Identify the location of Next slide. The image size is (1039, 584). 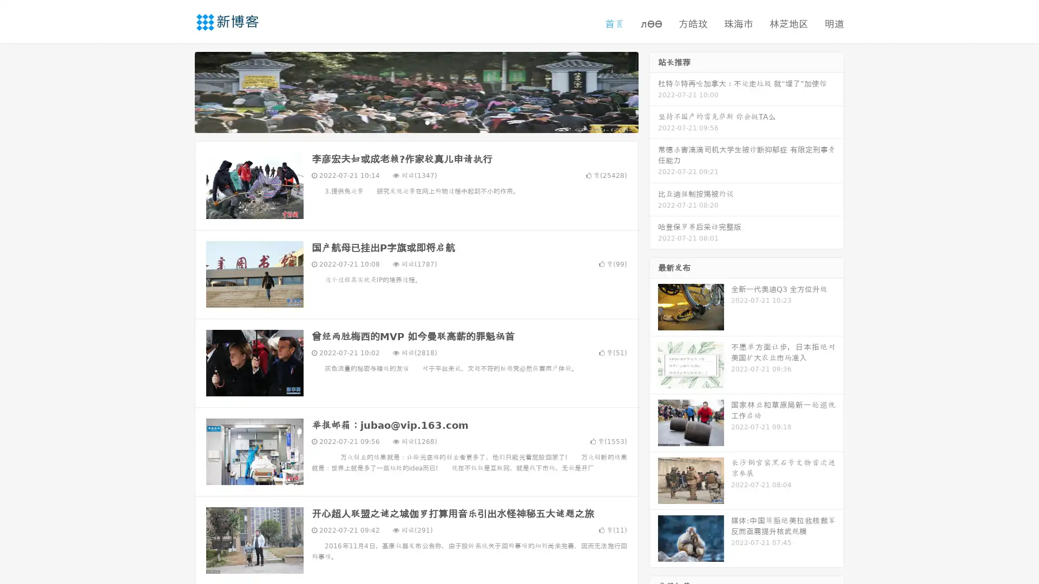
(654, 91).